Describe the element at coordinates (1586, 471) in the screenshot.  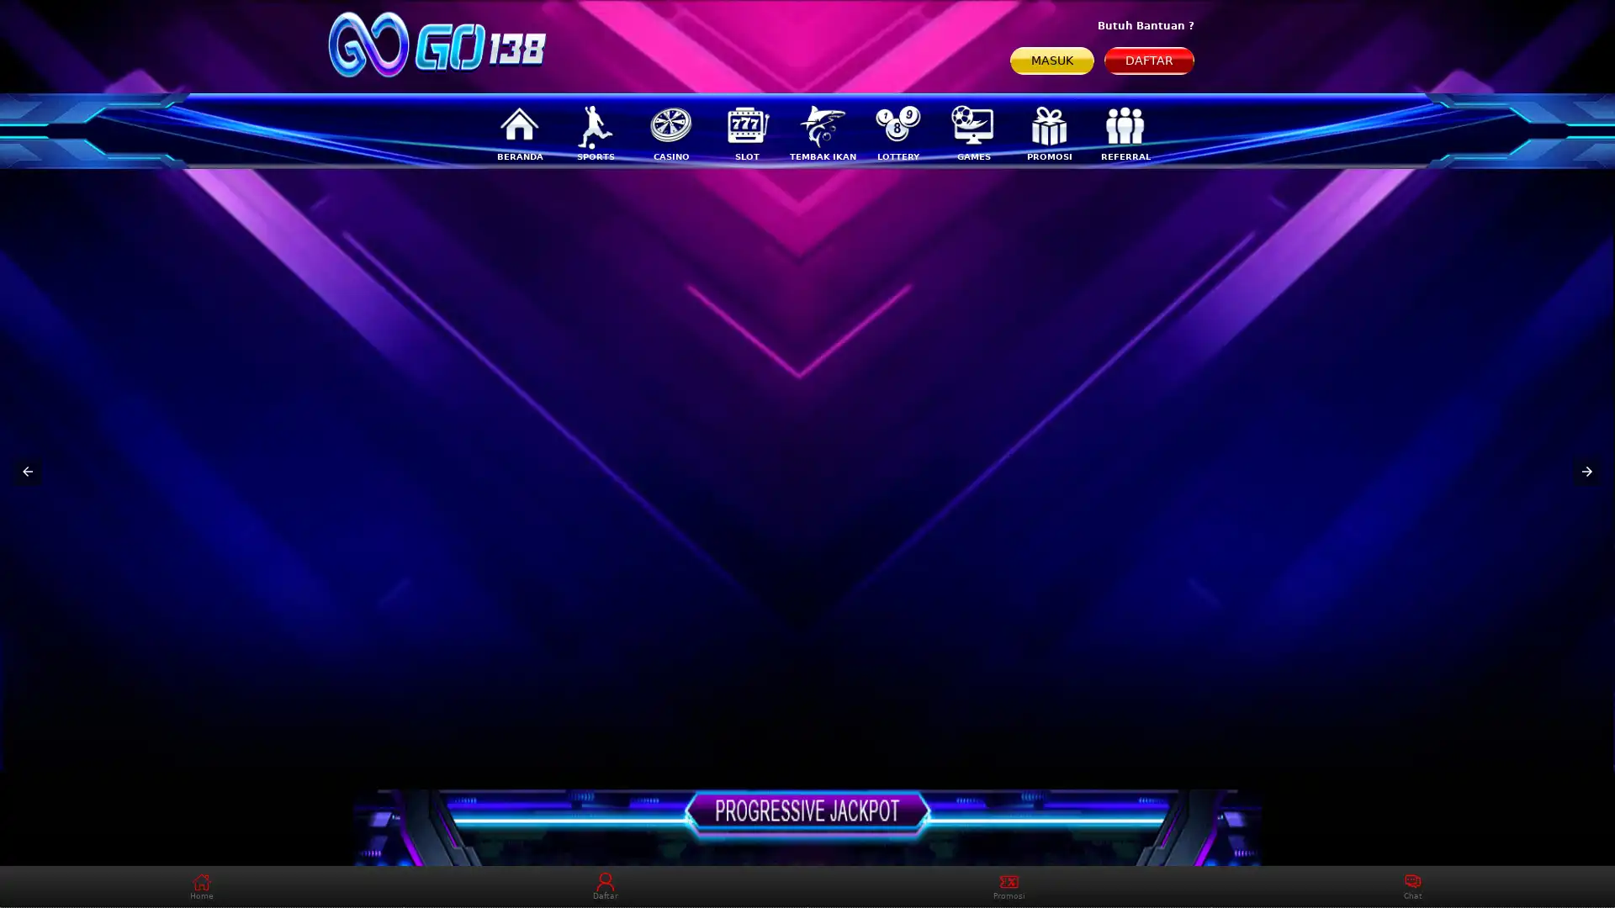
I see `Next item in carousel (3 of 4)` at that location.